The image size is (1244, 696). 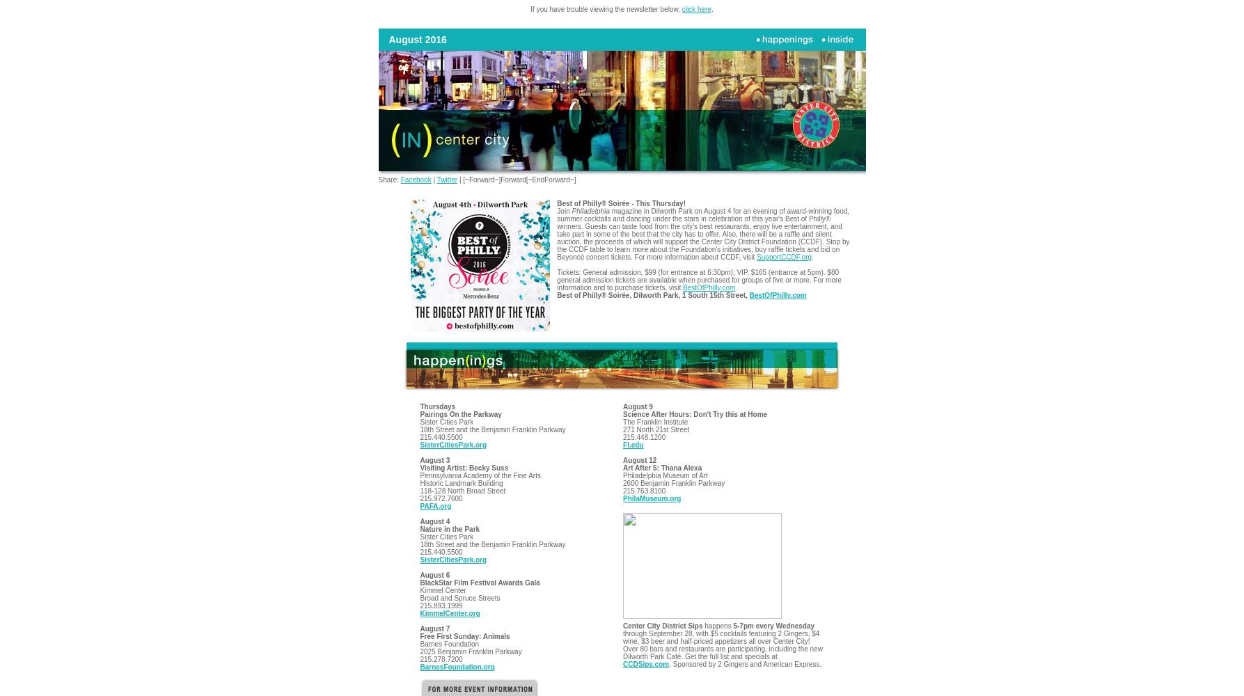 What do you see at coordinates (418, 413) in the screenshot?
I see `'Pairings On the Parkway'` at bounding box center [418, 413].